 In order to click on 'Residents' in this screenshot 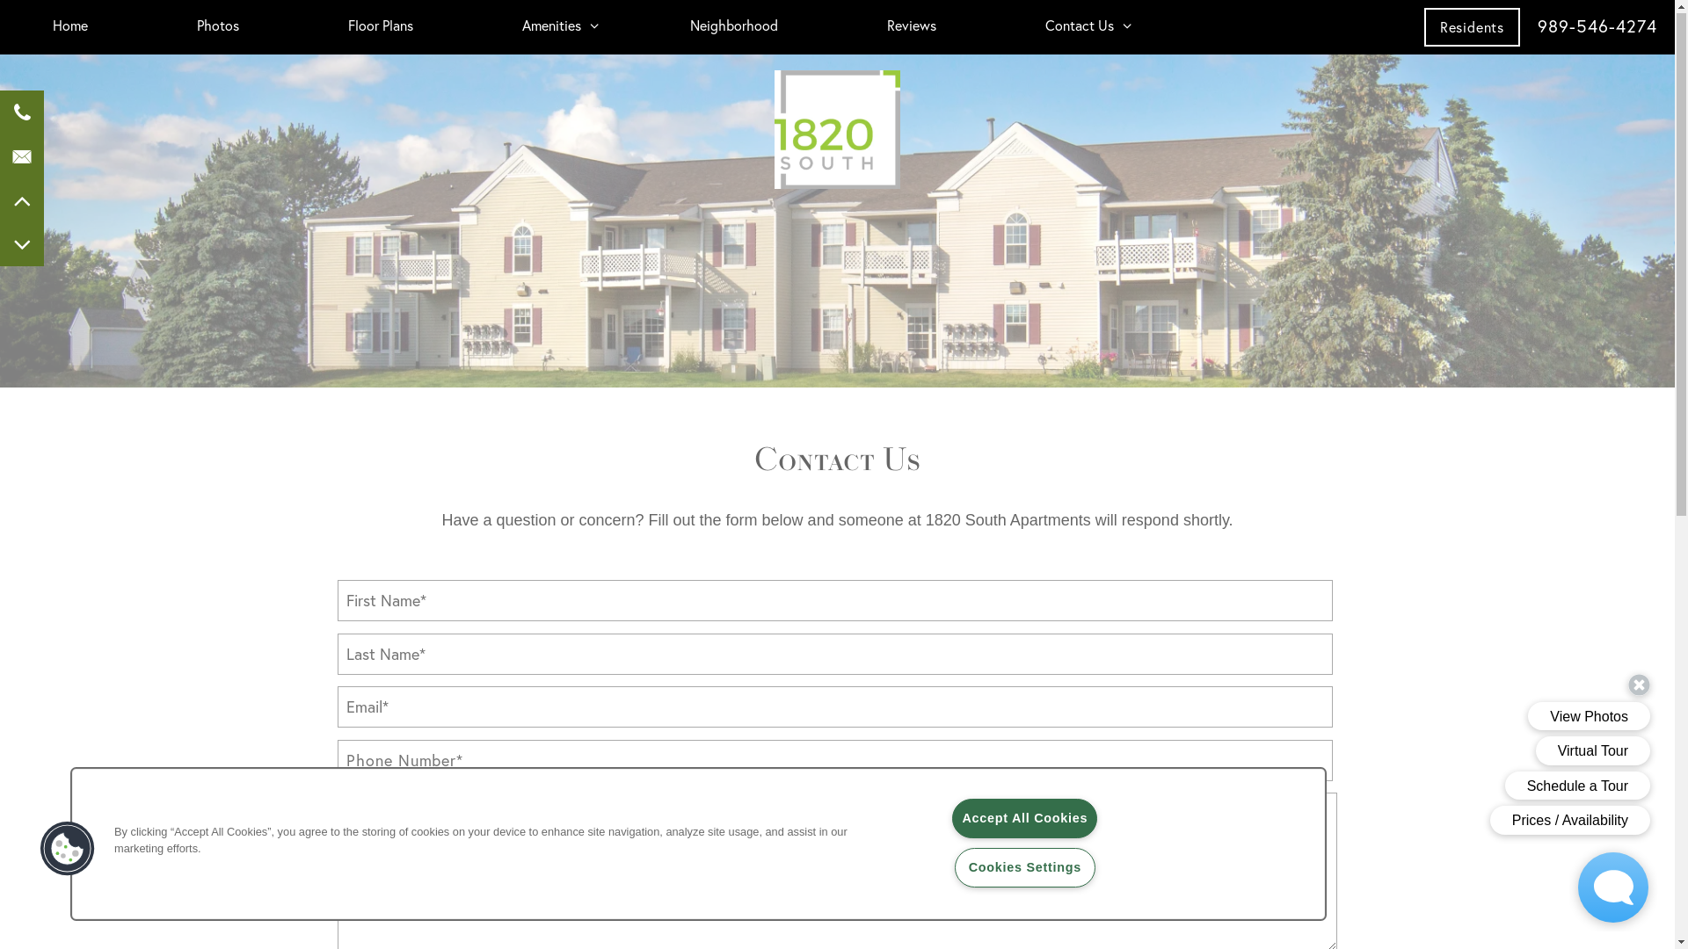, I will do `click(1472, 27)`.